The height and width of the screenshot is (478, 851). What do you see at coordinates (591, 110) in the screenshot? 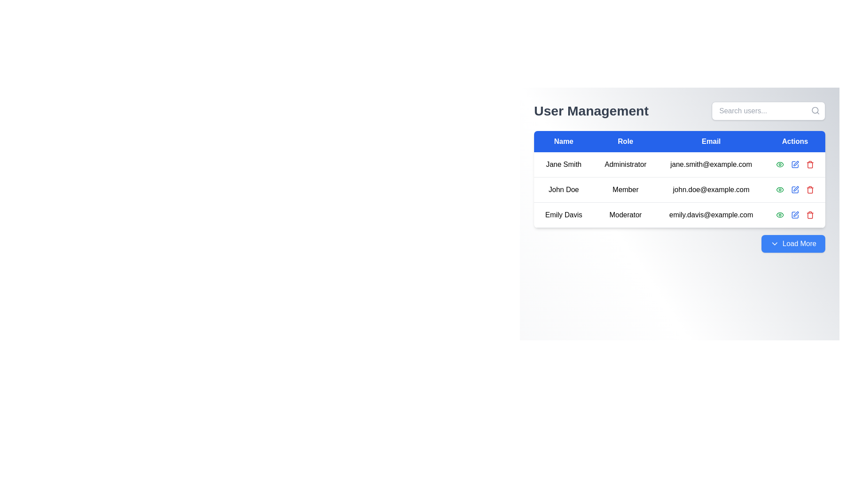
I see `the 'User Management' text label which serves as a title or header for the page` at bounding box center [591, 110].